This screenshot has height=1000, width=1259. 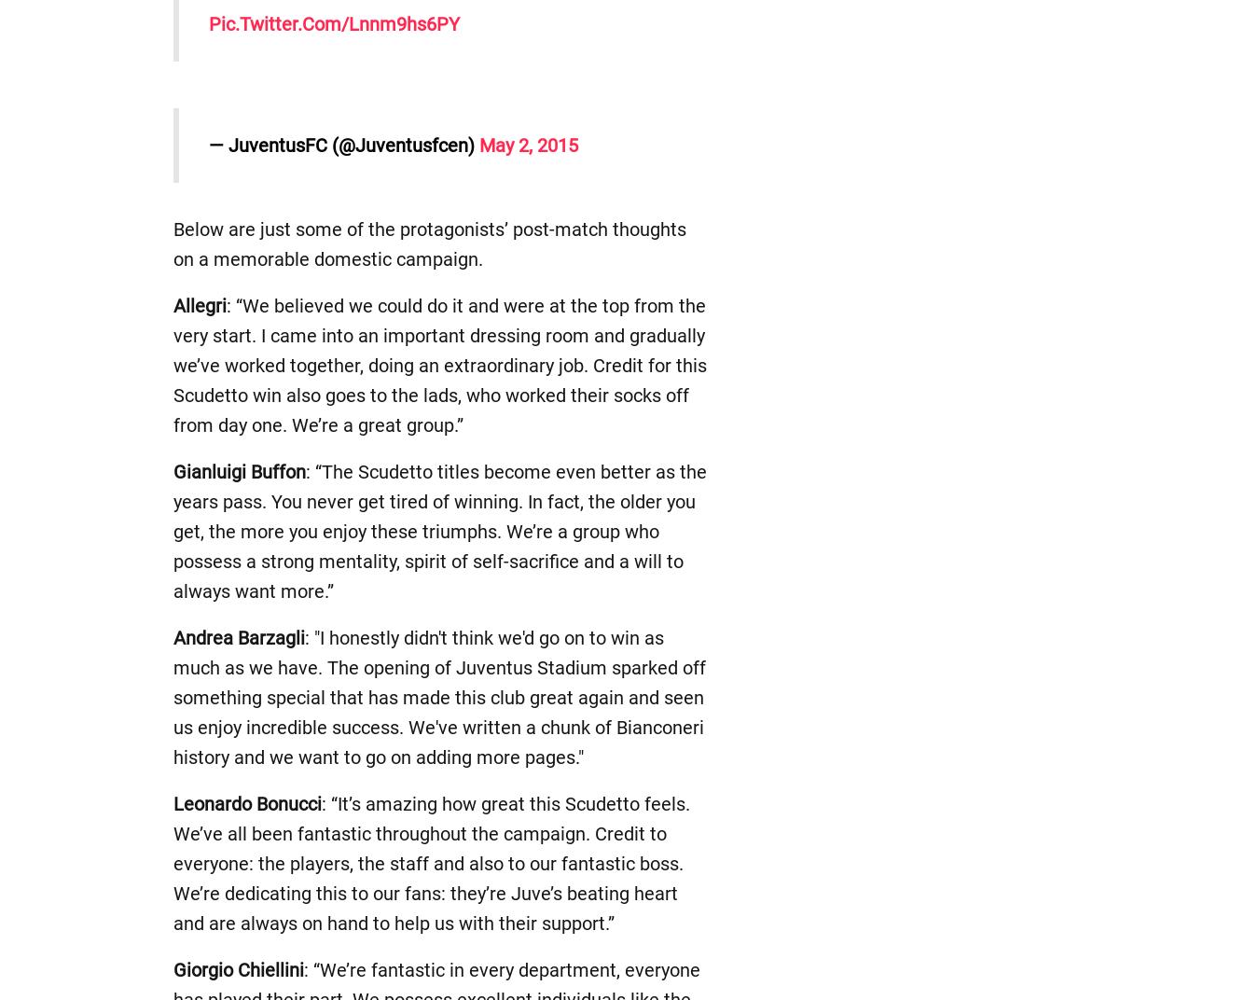 I want to click on ': “We believed we could do it and were at the top from the very start. I came into an important dressing room and gradually we’ve worked together, doing an extraordinary job. Credit for this Scudetto win also goes to the lads, who worked their socks off from day one. We’re a great group.”', so click(x=438, y=366).